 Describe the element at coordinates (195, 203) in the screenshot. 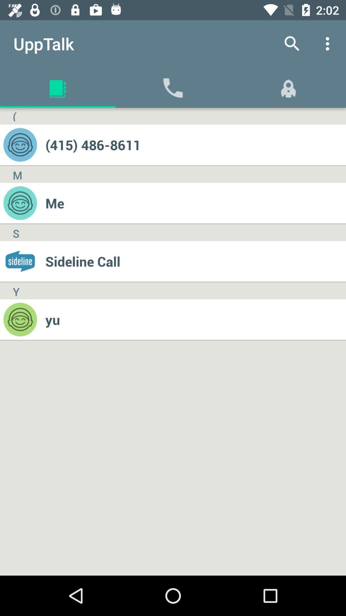

I see `me icon` at that location.